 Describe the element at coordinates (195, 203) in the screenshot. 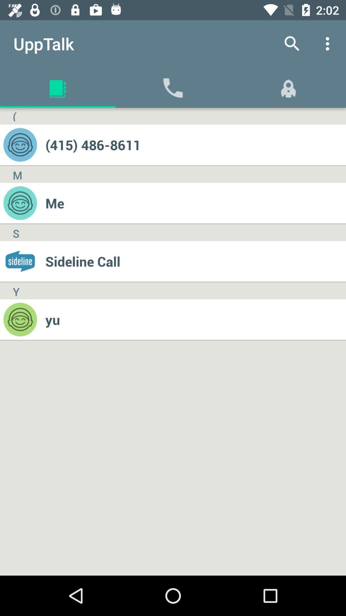

I see `me icon` at that location.